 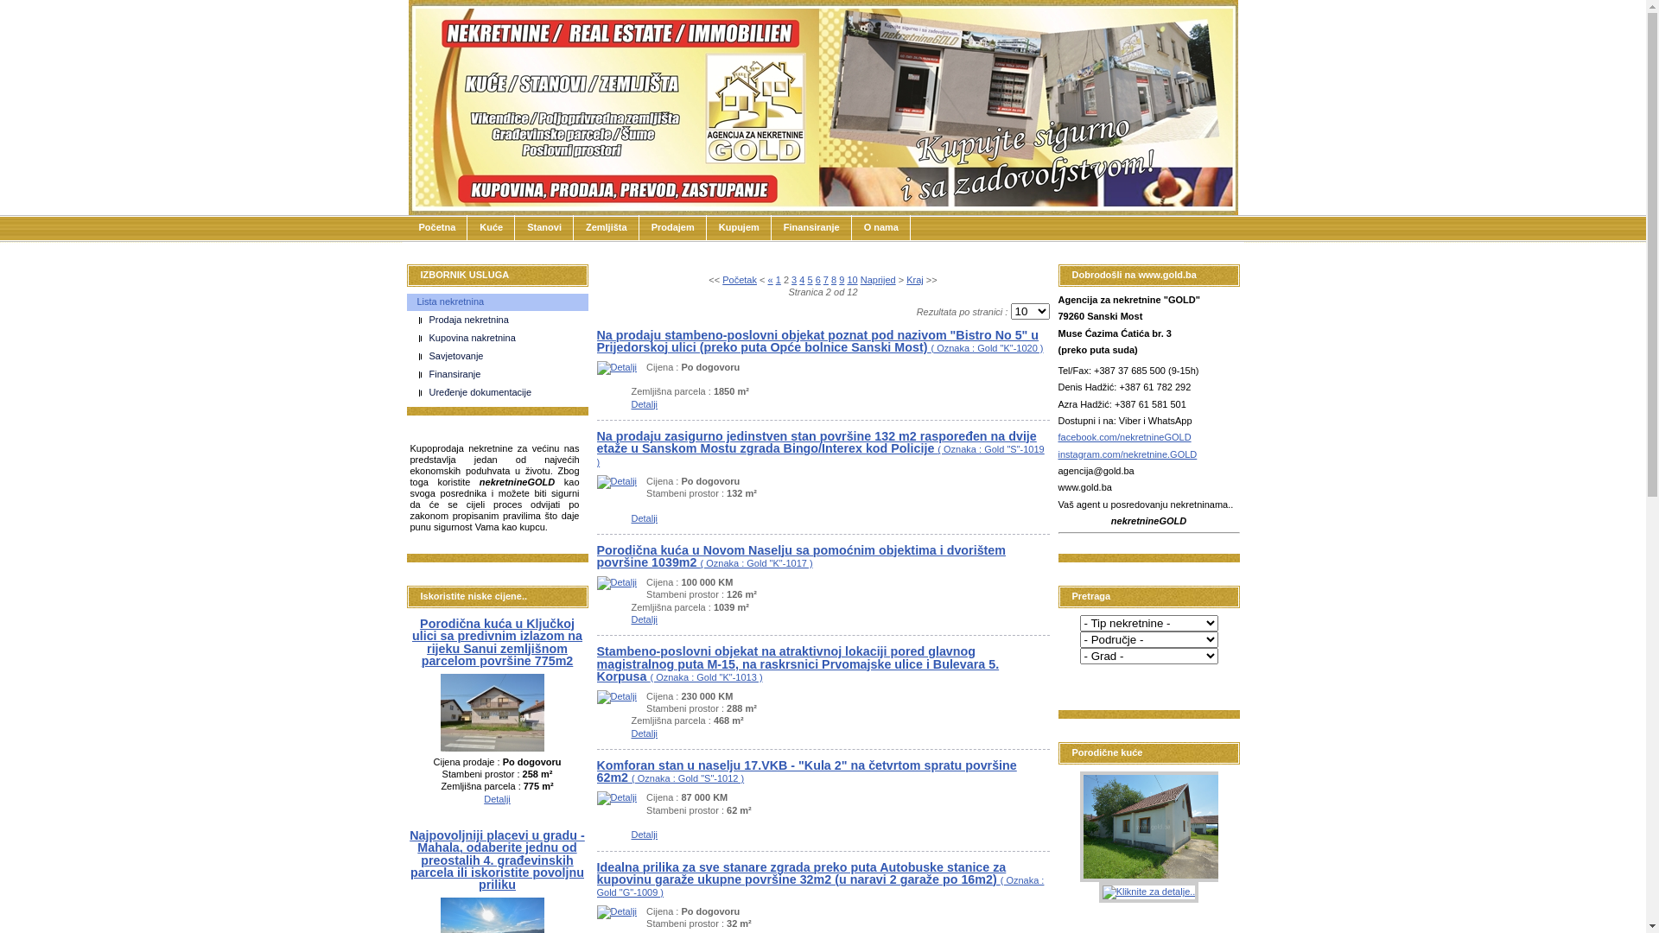 What do you see at coordinates (616, 582) in the screenshot?
I see `'Detalji'` at bounding box center [616, 582].